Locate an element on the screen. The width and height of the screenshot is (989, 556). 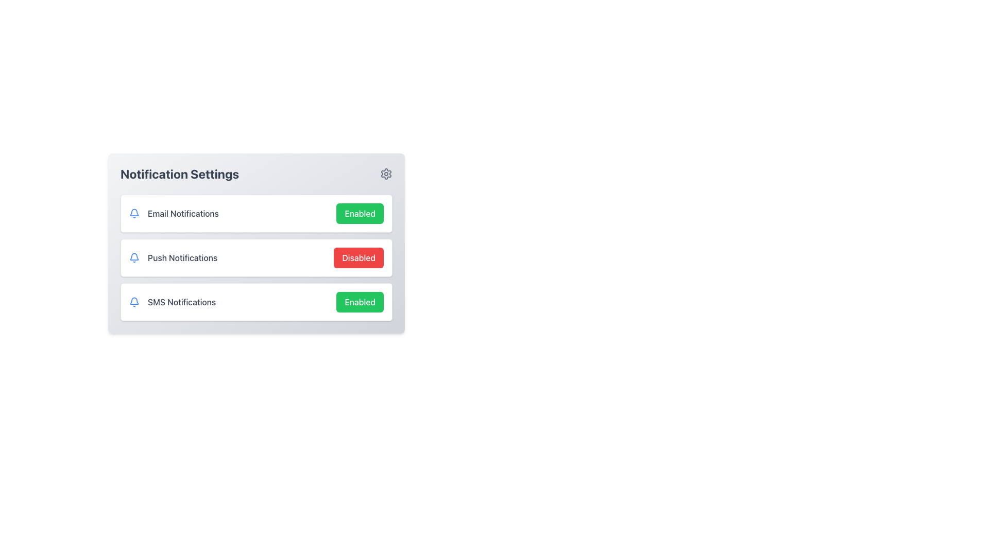
the 'Disabled' button in the 'Push Notifications' section is located at coordinates (257, 257).